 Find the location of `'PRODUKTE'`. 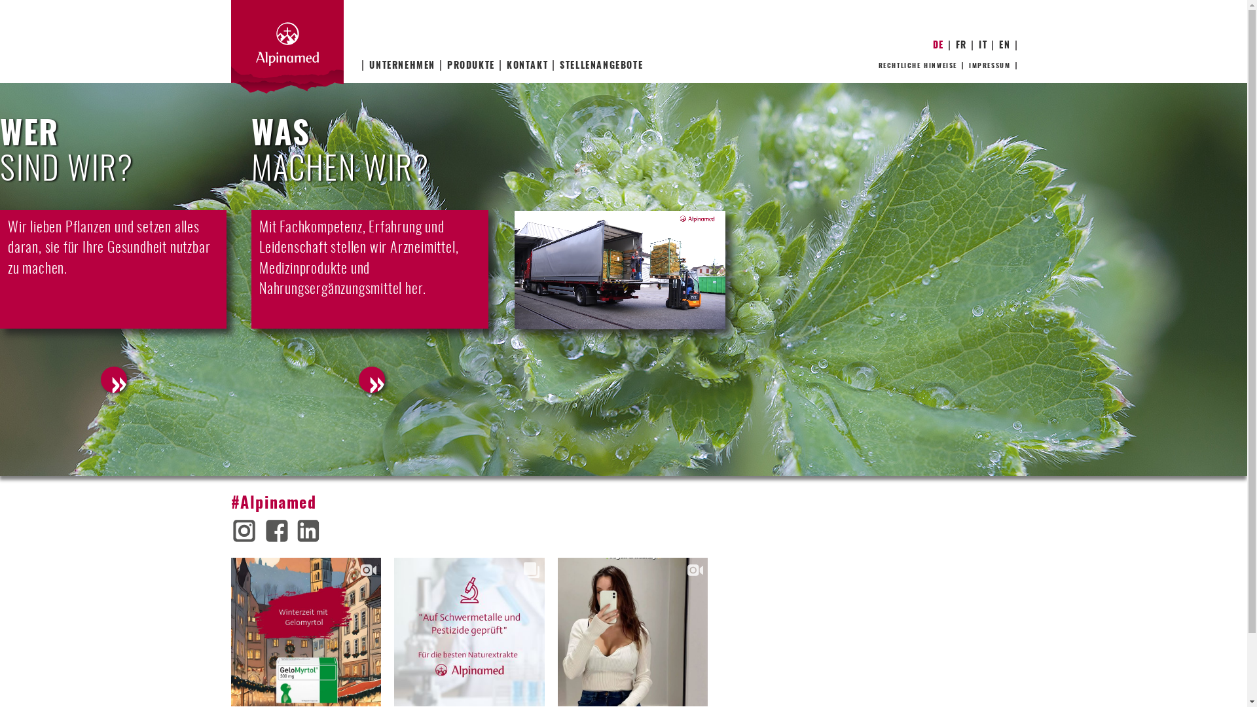

'PRODUKTE' is located at coordinates (440, 65).